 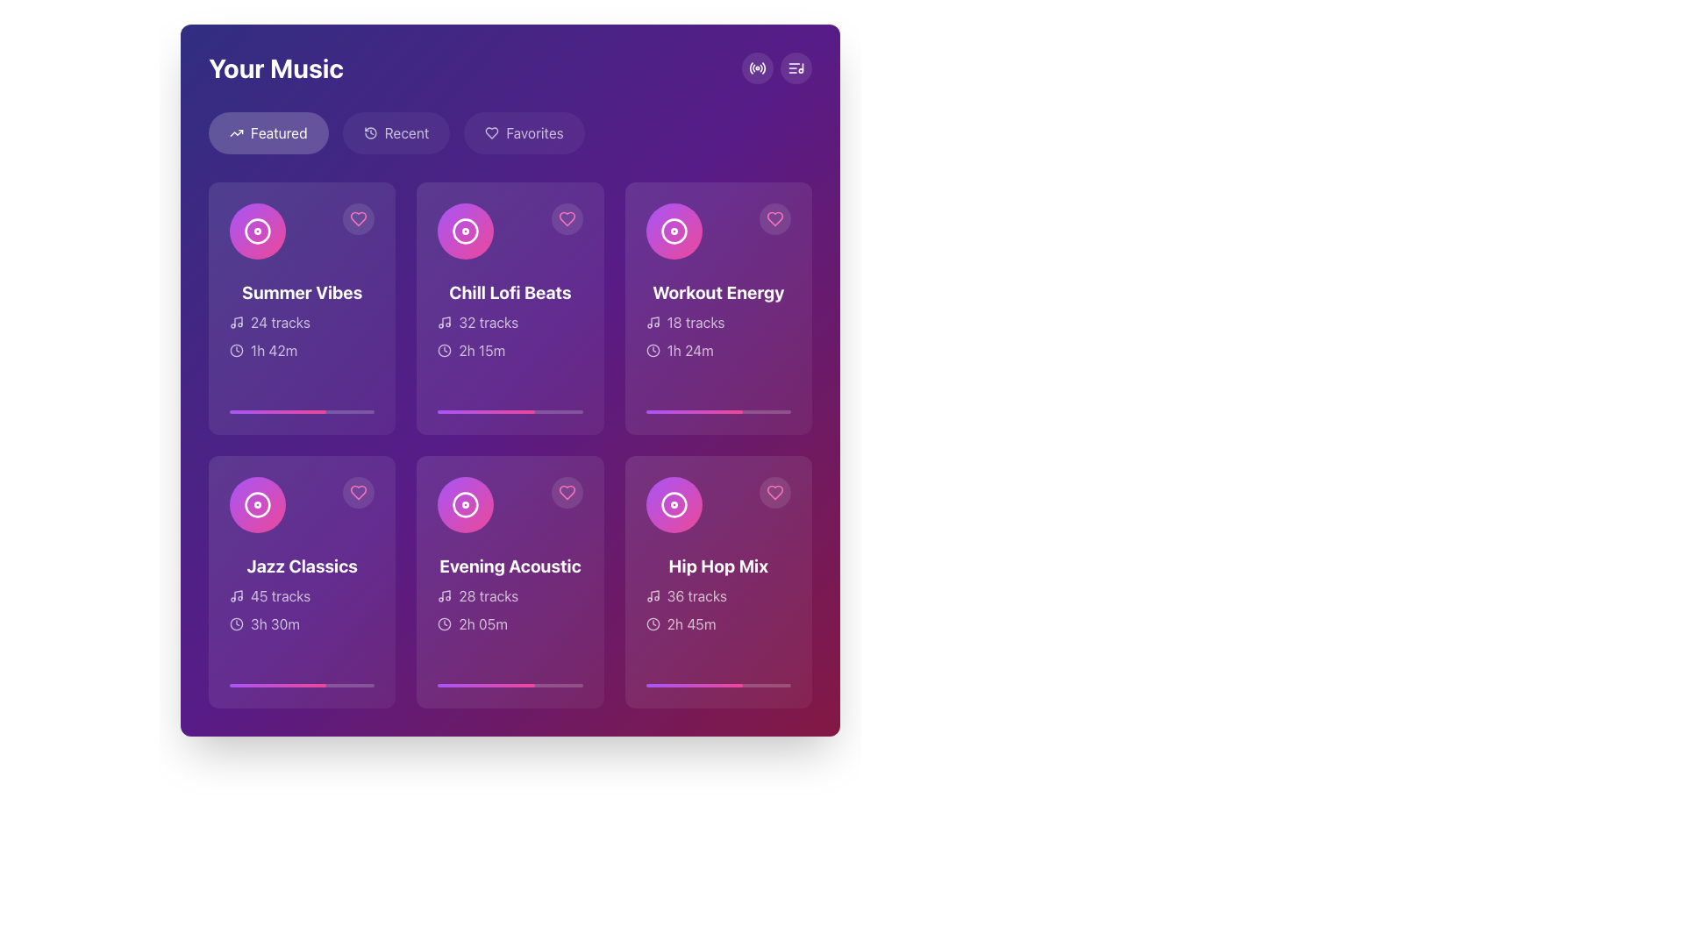 What do you see at coordinates (718, 595) in the screenshot?
I see `the Label that displays the number of tracks available in the 'Hip Hop Mix' card, located near the bottom of the card, above the duration text '2h 45m'` at bounding box center [718, 595].